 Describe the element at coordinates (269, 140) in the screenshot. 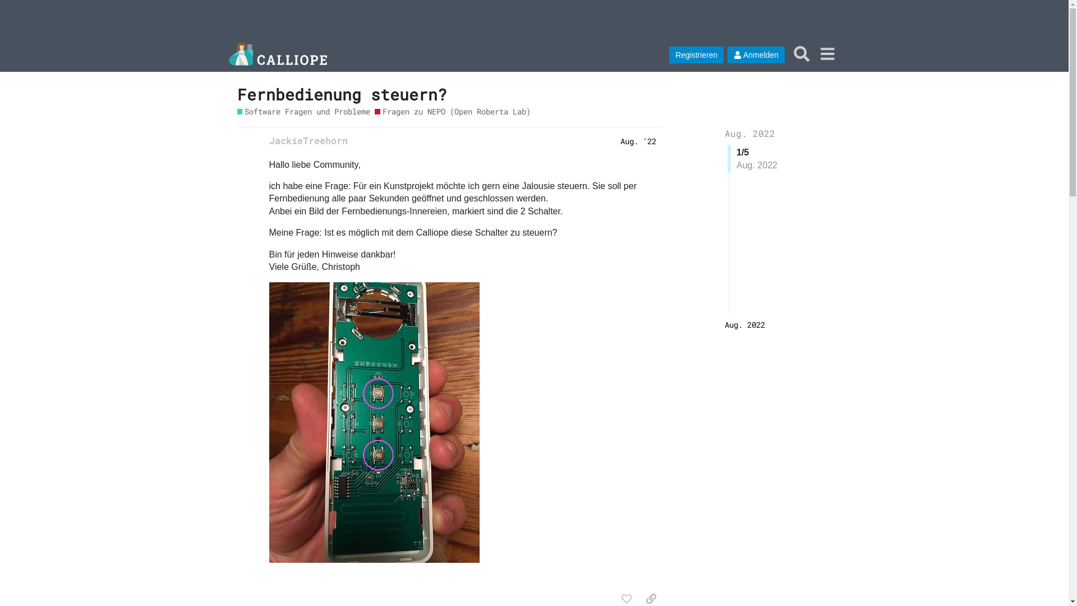

I see `'JackieTreehorn'` at that location.